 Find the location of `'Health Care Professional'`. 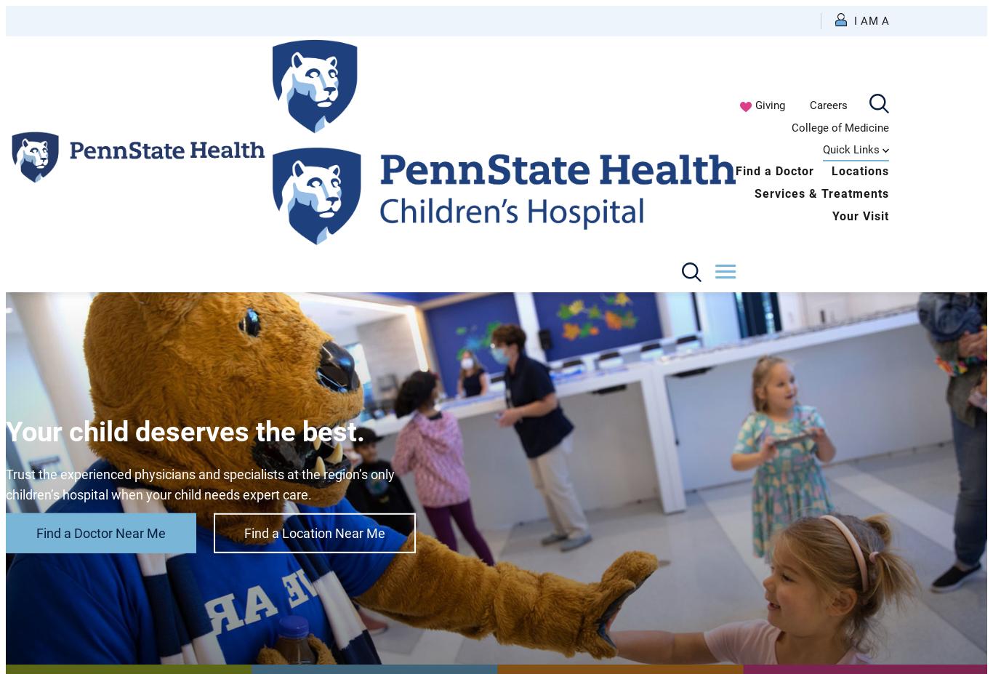

'Health Care Professional' is located at coordinates (675, 185).